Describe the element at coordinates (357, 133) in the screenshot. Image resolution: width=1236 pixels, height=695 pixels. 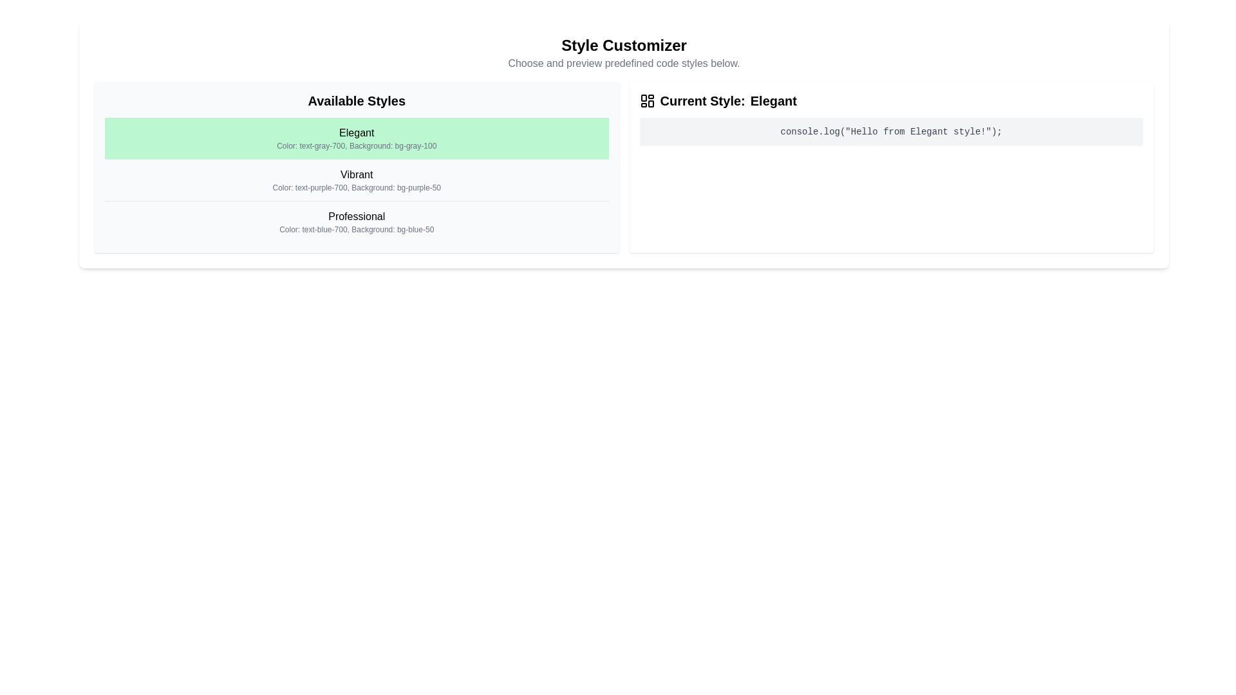
I see `the textual label displaying 'Elegant' which is the first option in the 'Available Styles' list, highlighted against a softly-colored green background` at that location.